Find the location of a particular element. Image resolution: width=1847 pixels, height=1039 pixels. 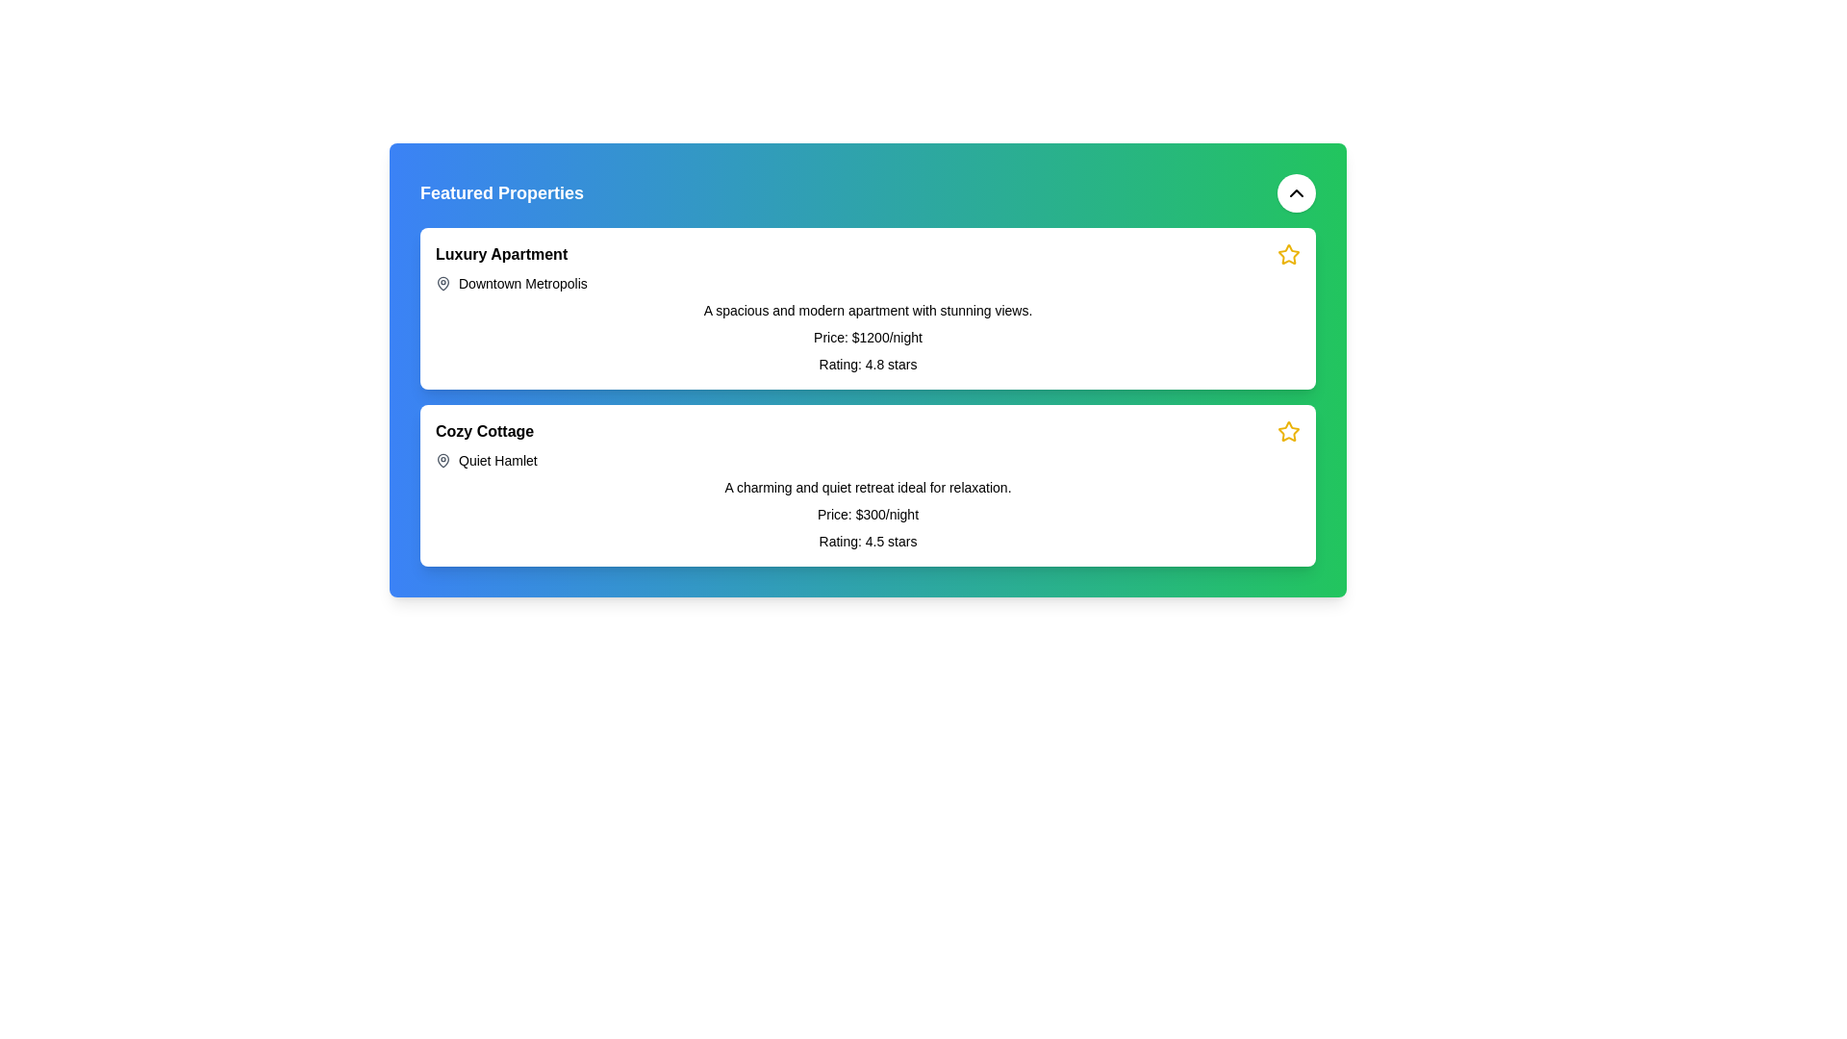

the text label displaying the average user rating for the property located at the bottom of the 'Cozy Cottage' card is located at coordinates (867, 542).